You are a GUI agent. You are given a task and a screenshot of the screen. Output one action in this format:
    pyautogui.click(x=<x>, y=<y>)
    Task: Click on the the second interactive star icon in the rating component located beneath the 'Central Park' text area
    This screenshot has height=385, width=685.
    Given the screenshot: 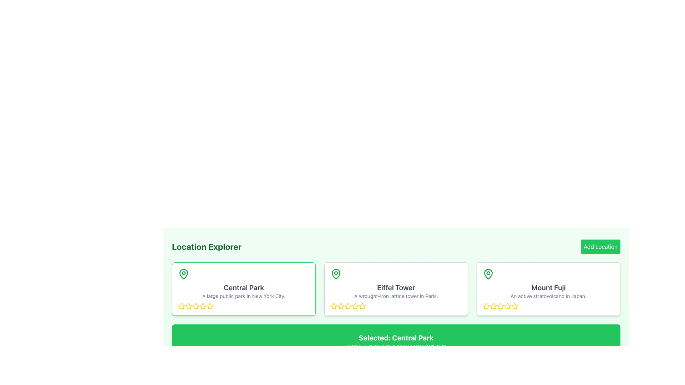 What is the action you would take?
    pyautogui.click(x=196, y=306)
    